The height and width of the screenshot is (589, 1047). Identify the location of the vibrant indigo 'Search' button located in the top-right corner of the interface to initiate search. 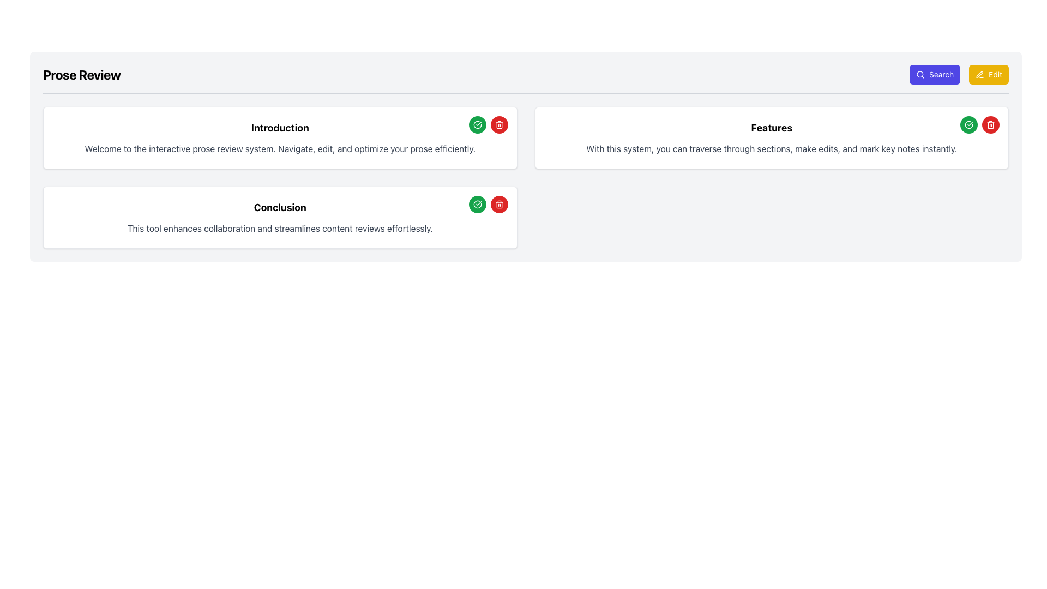
(934, 74).